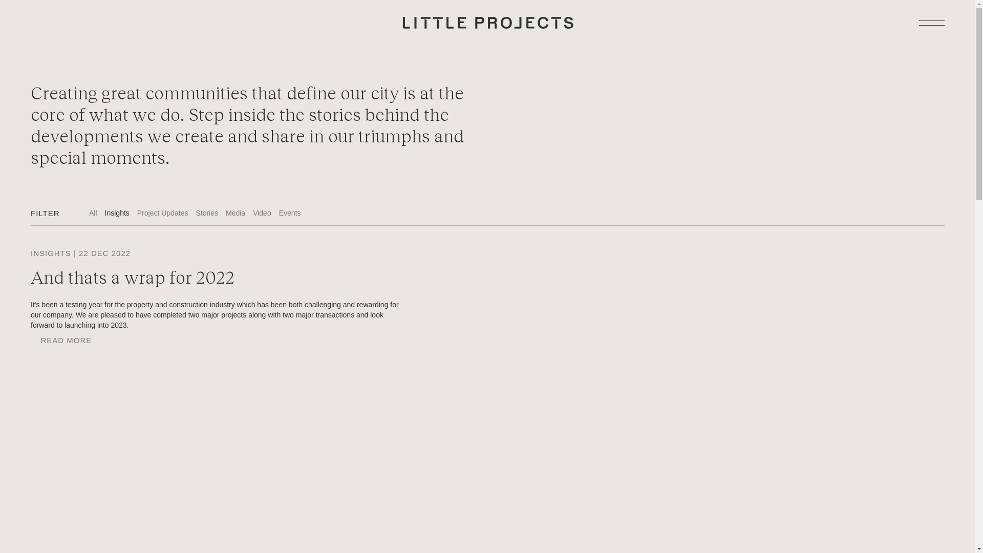 The image size is (983, 553). I want to click on 'All', so click(93, 212).